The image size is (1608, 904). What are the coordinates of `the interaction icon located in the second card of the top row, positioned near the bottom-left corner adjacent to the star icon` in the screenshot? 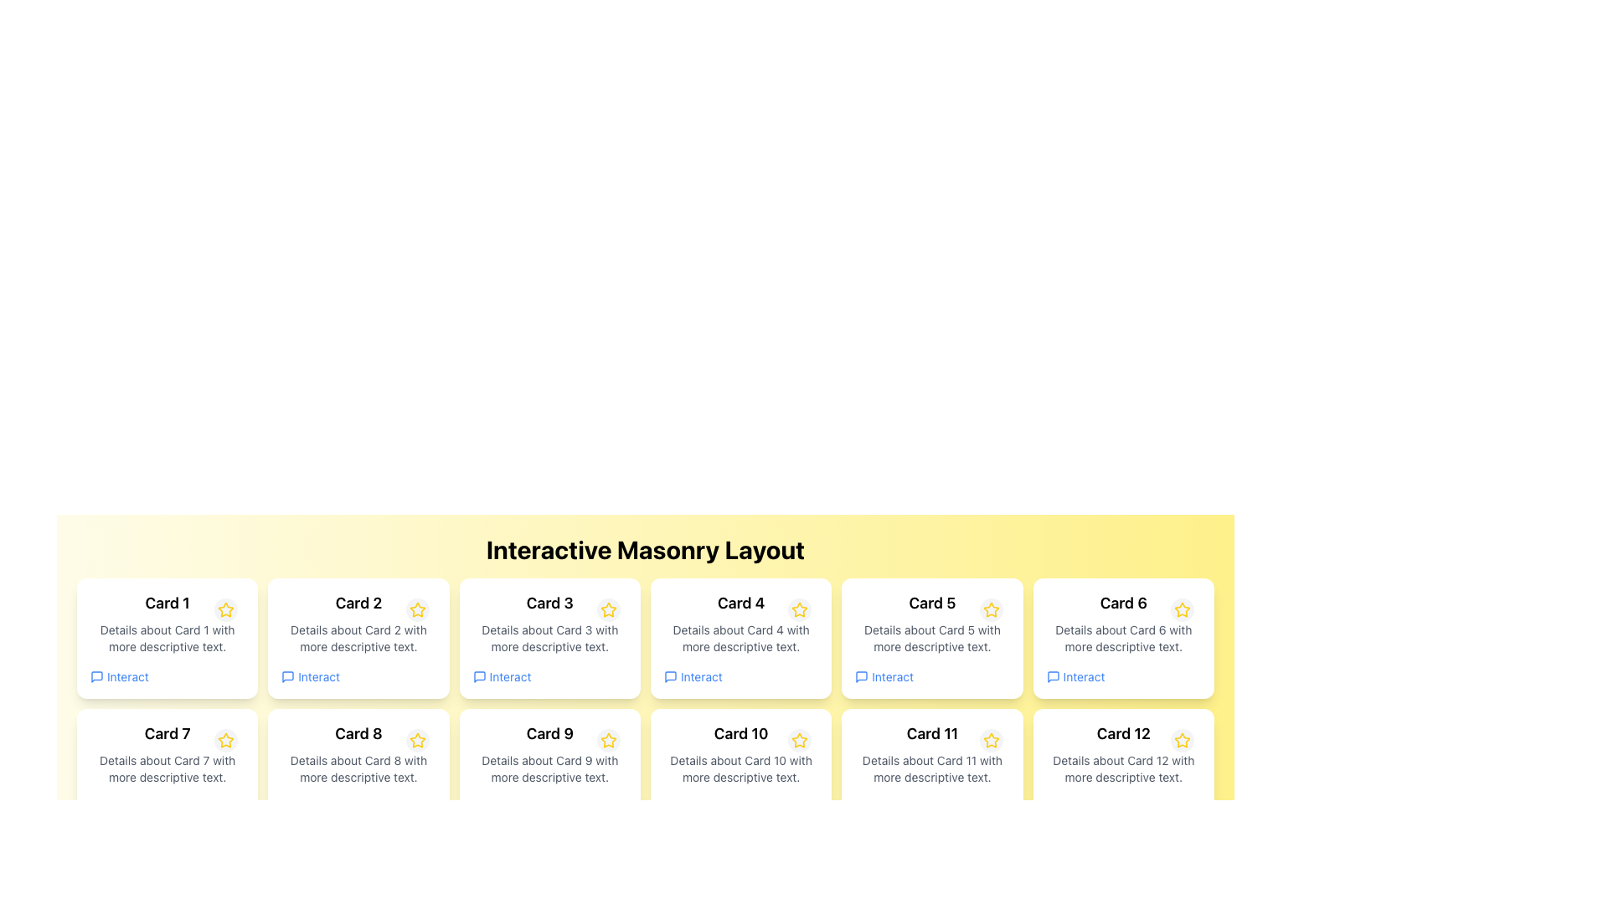 It's located at (288, 676).